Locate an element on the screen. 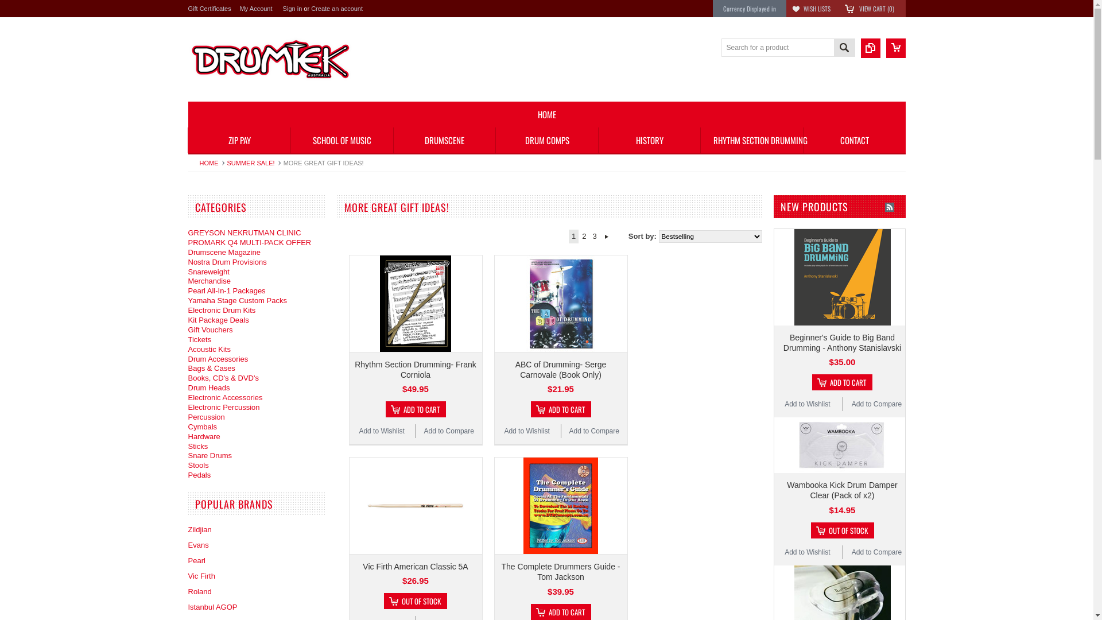 This screenshot has height=620, width=1102. '3' is located at coordinates (595, 236).